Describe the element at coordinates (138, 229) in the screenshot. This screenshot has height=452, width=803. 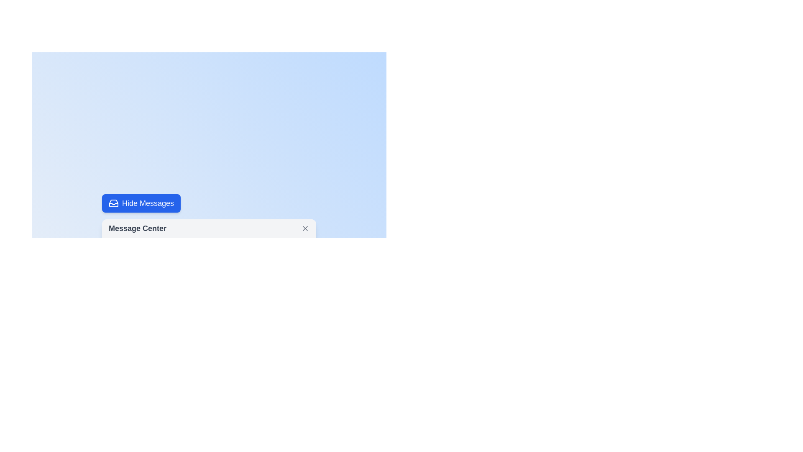
I see `the text label located on the left side of a light gray rounded bar, which serves as a title or heading for the content below` at that location.